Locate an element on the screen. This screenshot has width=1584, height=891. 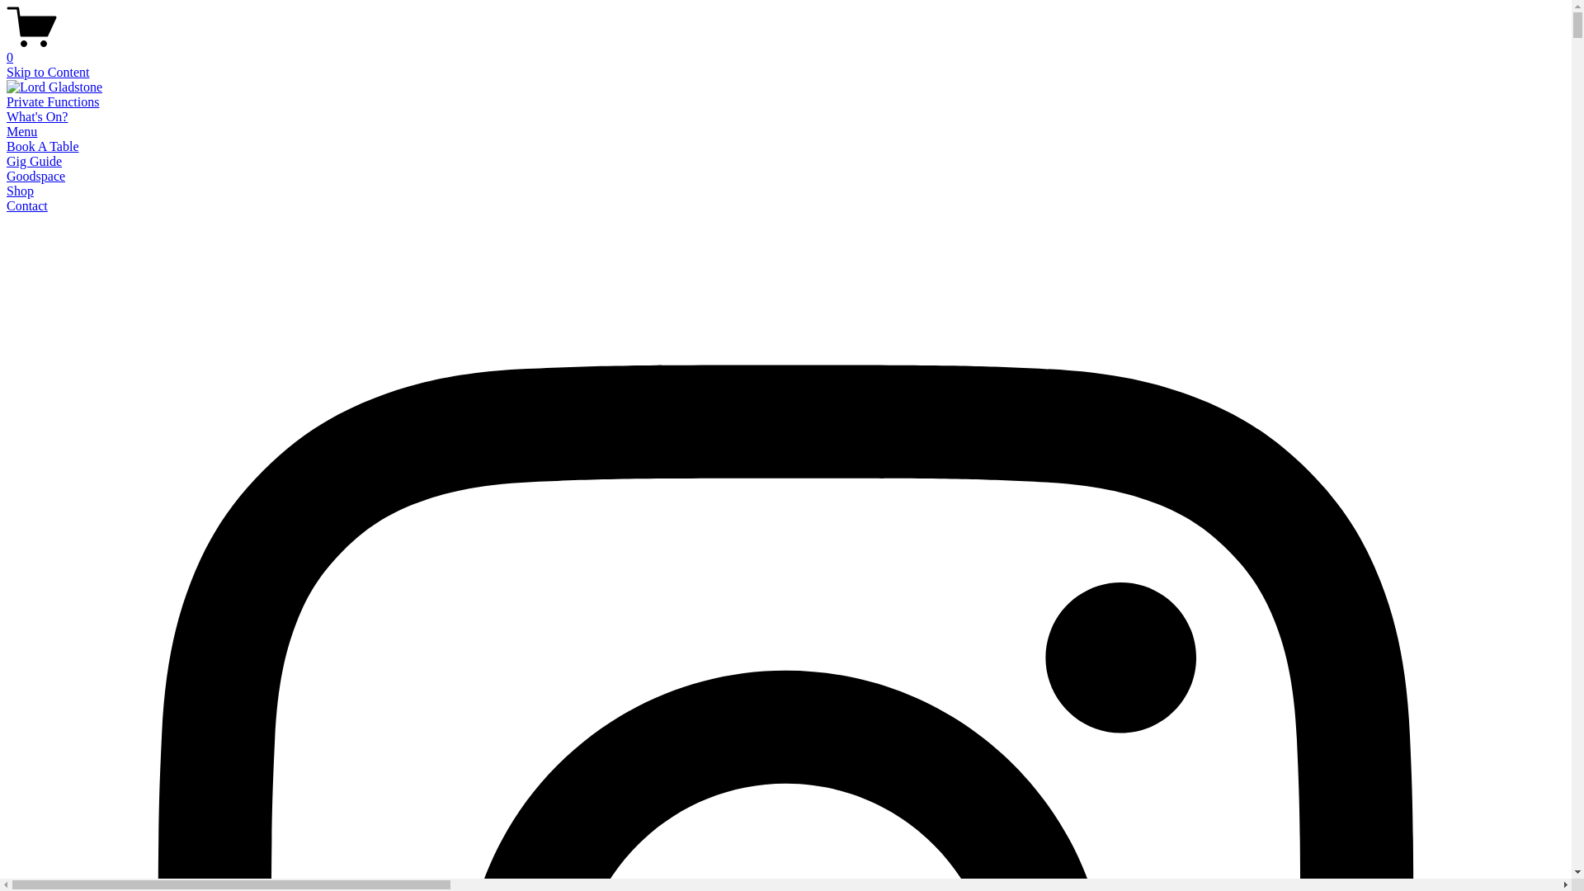
'Book A Table' is located at coordinates (42, 145).